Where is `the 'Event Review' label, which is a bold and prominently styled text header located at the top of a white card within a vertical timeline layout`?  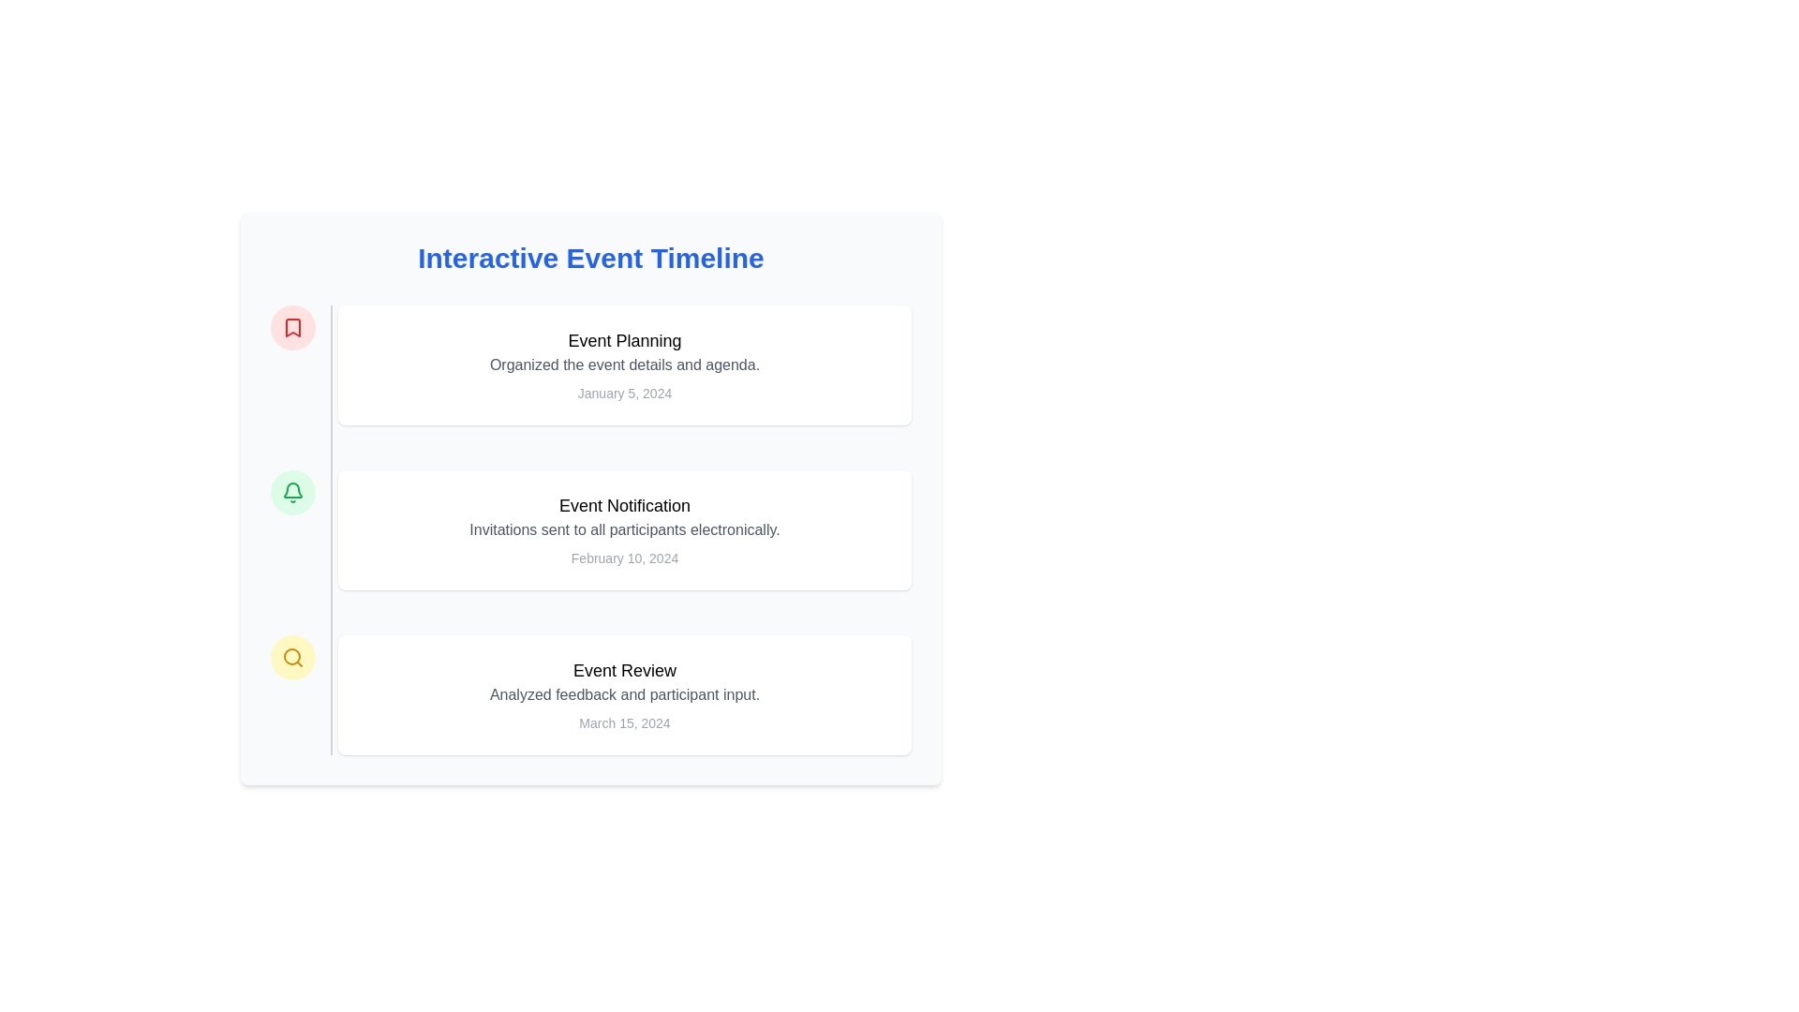
the 'Event Review' label, which is a bold and prominently styled text header located at the top of a white card within a vertical timeline layout is located at coordinates (625, 670).